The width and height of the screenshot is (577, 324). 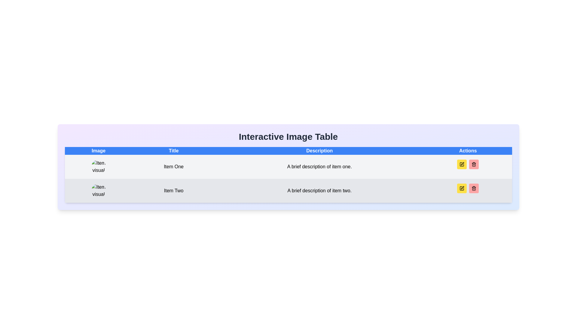 What do you see at coordinates (98, 191) in the screenshot?
I see `the visual placeholder element representing an image or icon in the second row of the table under the 'Image' column, corresponding to 'Item Two' in the 'Title' column` at bounding box center [98, 191].